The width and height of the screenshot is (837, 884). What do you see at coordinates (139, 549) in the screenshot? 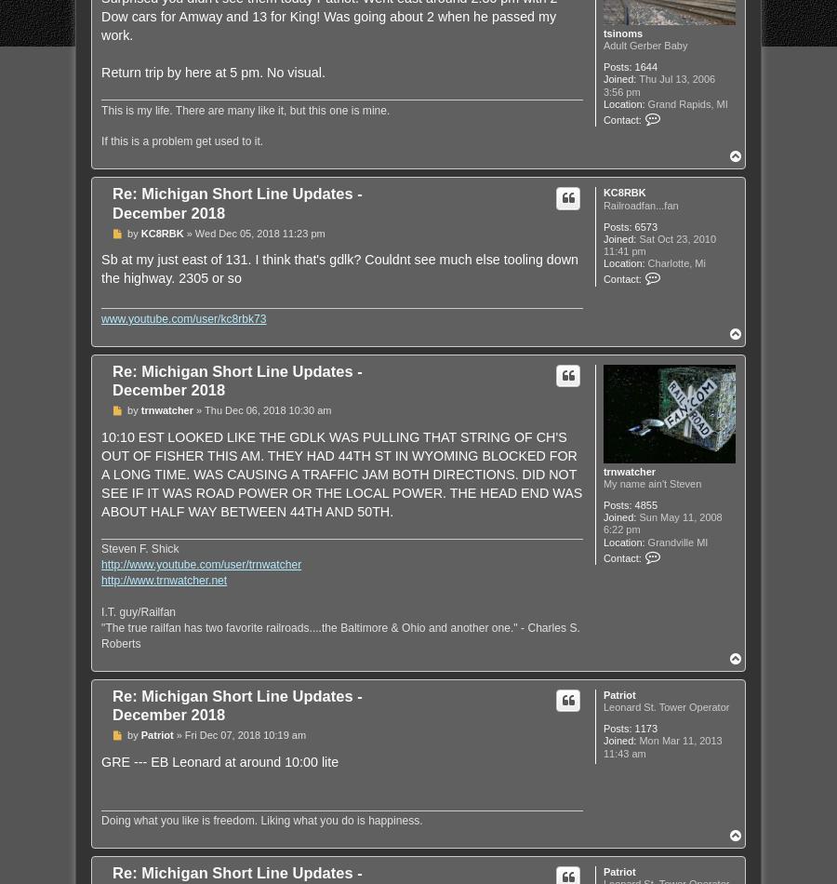
I see `'Steven F. Shick'` at bounding box center [139, 549].